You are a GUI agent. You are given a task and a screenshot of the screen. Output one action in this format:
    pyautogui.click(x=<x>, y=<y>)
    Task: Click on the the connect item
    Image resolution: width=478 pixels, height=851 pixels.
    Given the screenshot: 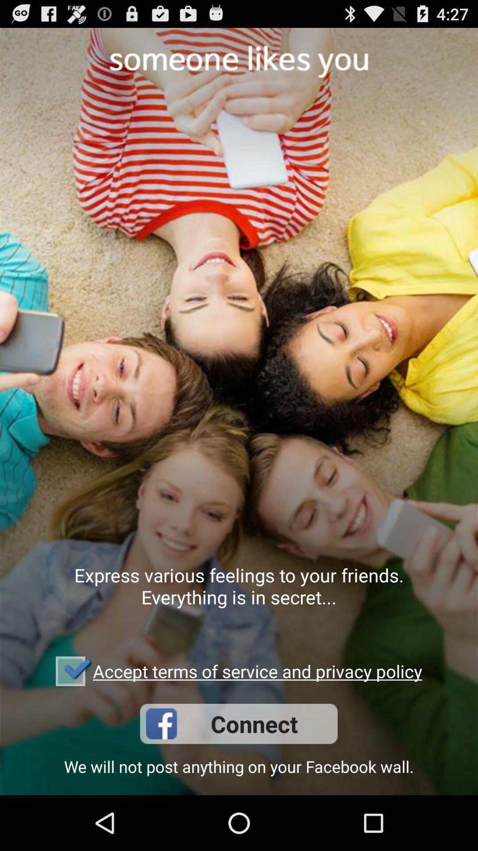 What is the action you would take?
    pyautogui.click(x=238, y=724)
    